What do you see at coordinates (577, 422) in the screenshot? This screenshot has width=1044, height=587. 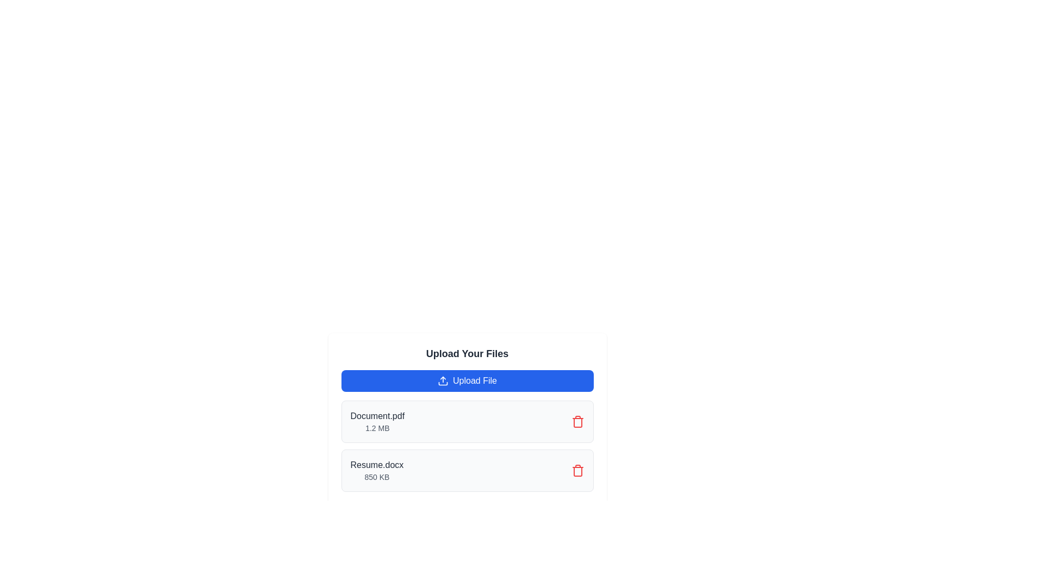 I see `the trash icon representing the bucket of the trash icon component for the second file entry (Resume.docx)` at bounding box center [577, 422].